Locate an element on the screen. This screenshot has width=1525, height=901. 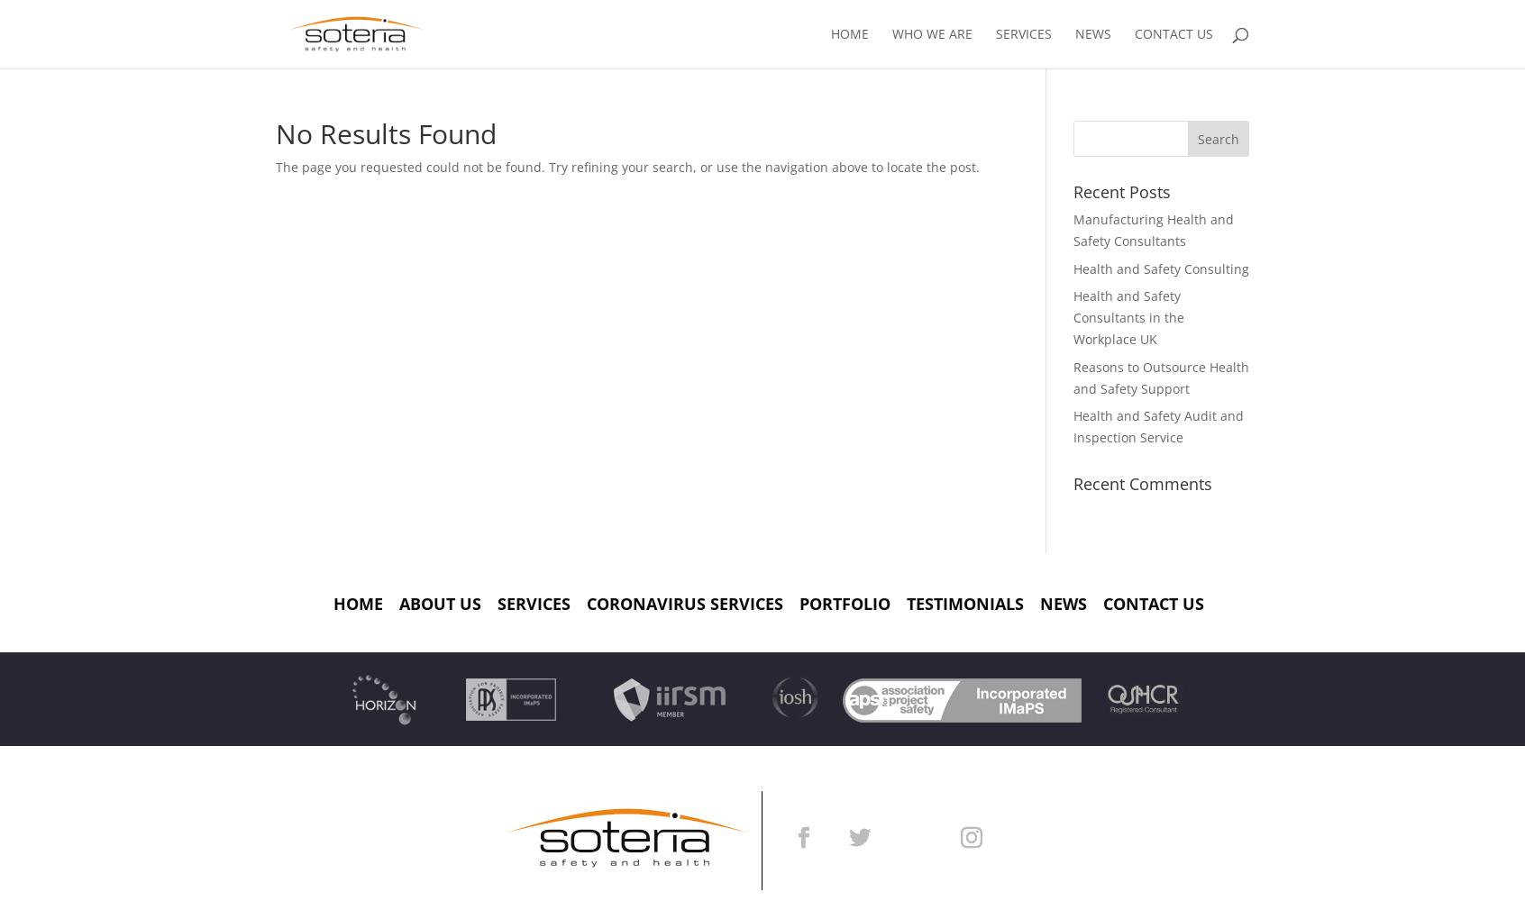
'Testimonials' is located at coordinates (965, 603).